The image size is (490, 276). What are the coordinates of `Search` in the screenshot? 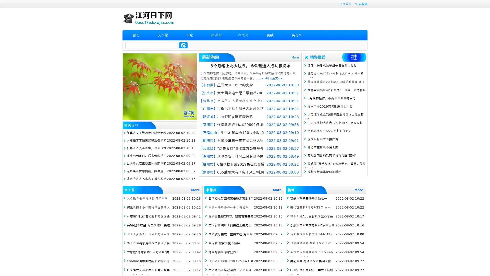 It's located at (183, 45).